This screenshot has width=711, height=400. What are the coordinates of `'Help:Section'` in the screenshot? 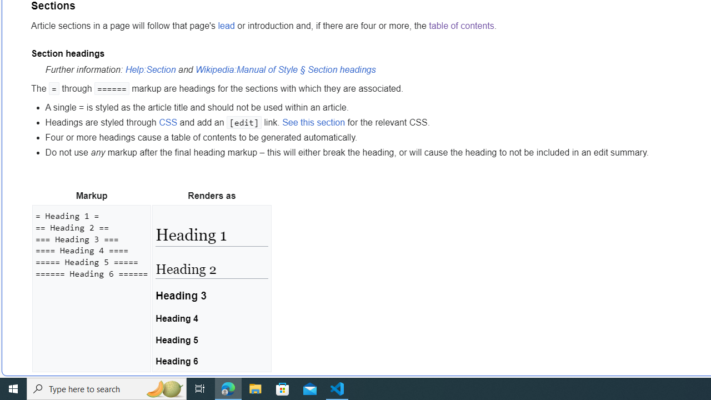 It's located at (150, 69).